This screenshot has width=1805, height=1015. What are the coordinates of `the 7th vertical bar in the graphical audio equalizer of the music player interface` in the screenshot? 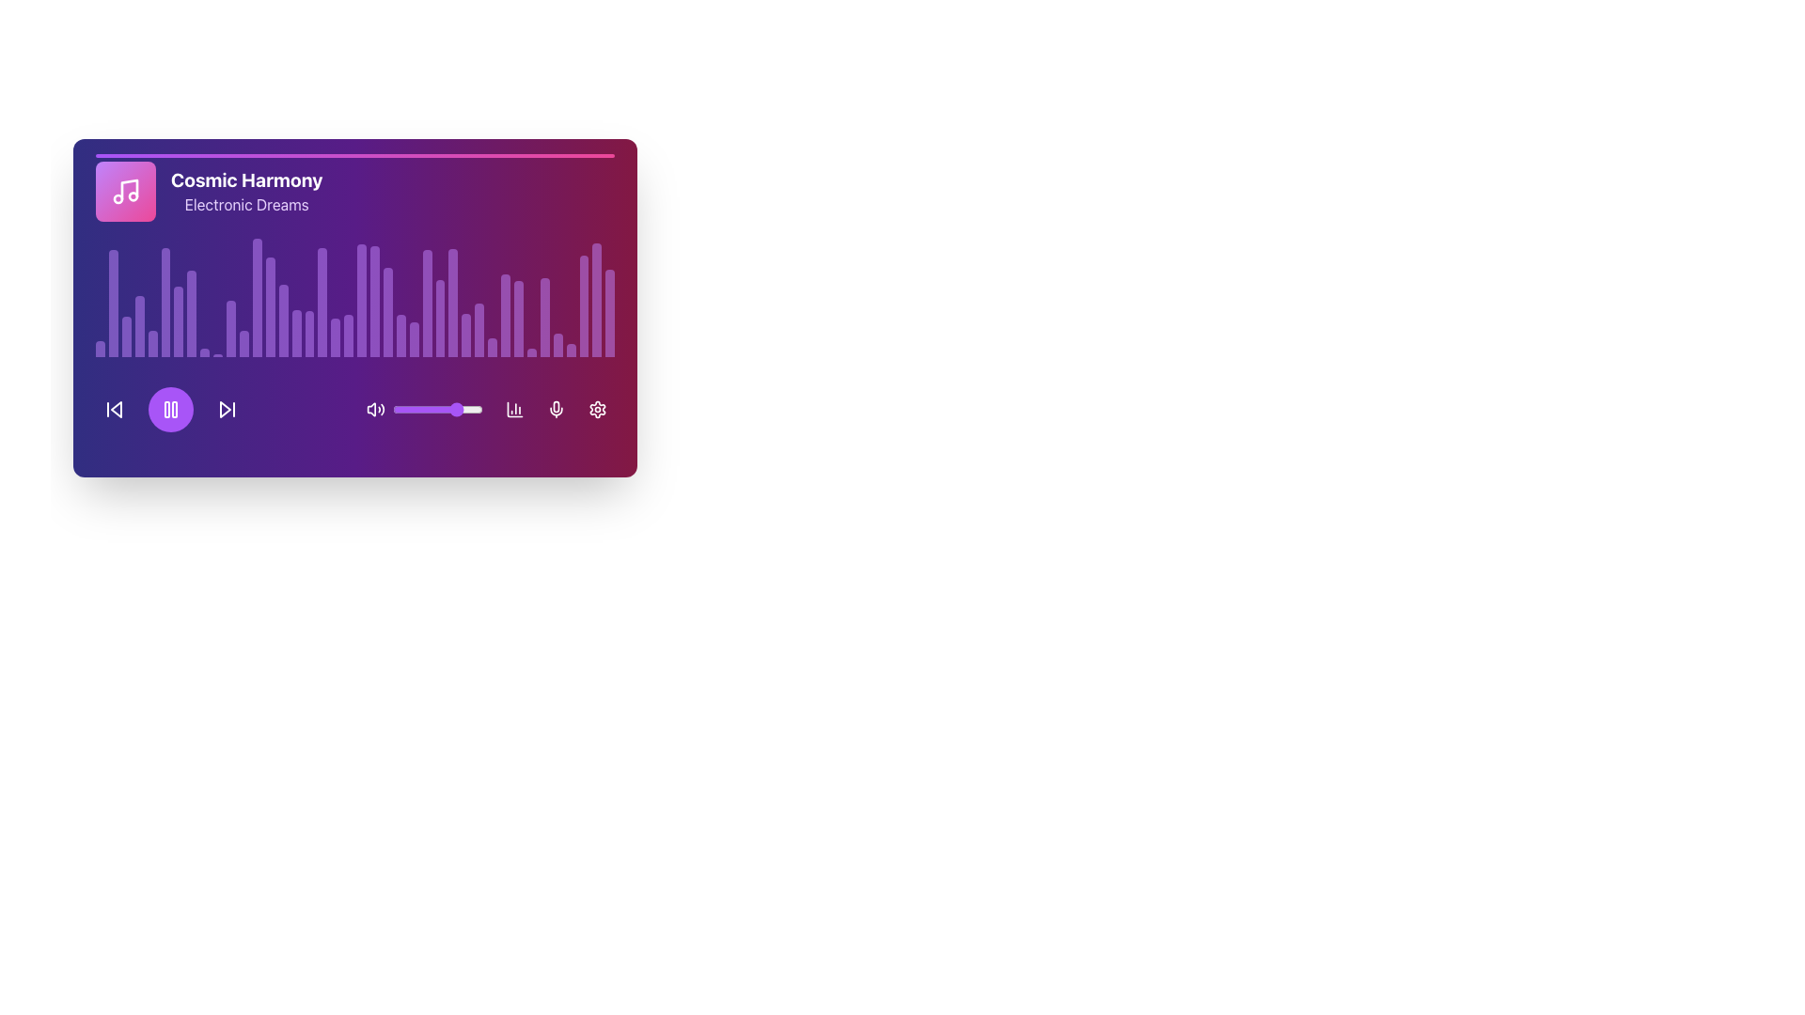 It's located at (179, 320).